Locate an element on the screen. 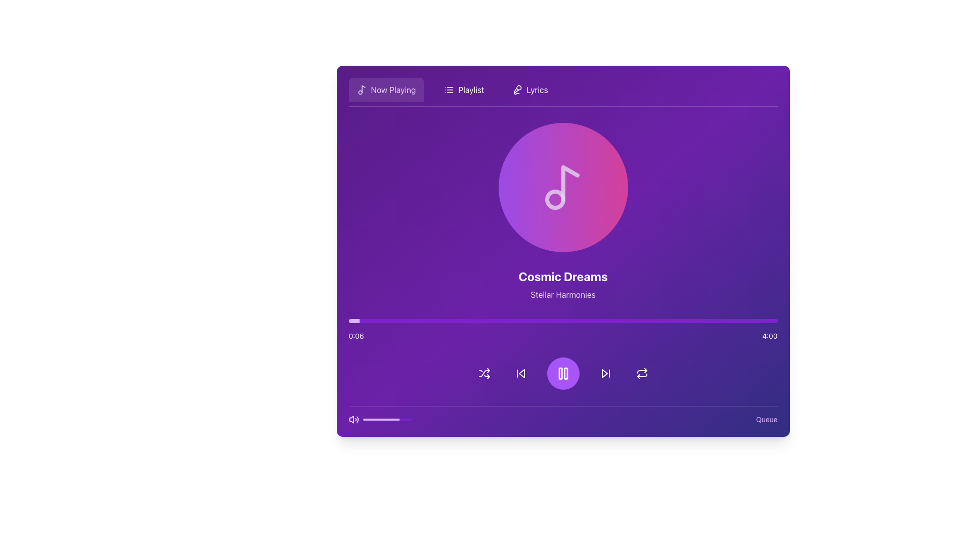 The height and width of the screenshot is (546, 971). the progress bar that visually represents the current playback progress of a media track, located centrally above the playback control buttons is located at coordinates (562, 321).